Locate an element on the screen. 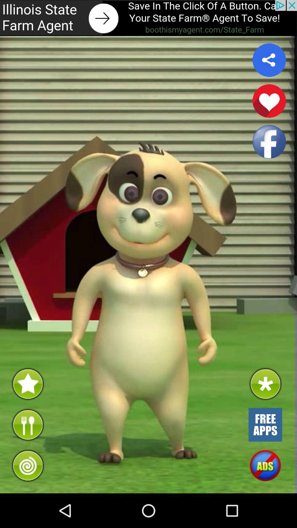  facebook button is located at coordinates (269, 142).